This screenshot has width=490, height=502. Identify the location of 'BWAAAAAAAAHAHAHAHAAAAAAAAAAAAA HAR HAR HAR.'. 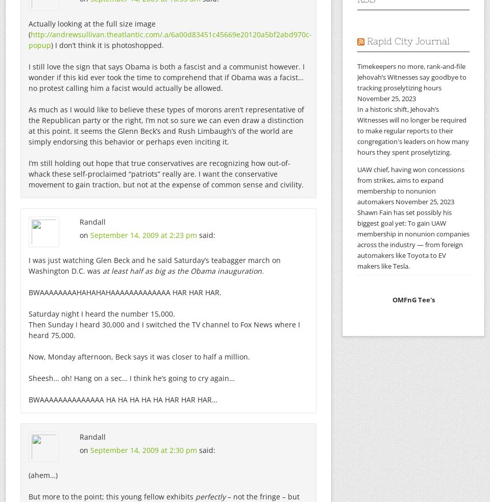
(124, 292).